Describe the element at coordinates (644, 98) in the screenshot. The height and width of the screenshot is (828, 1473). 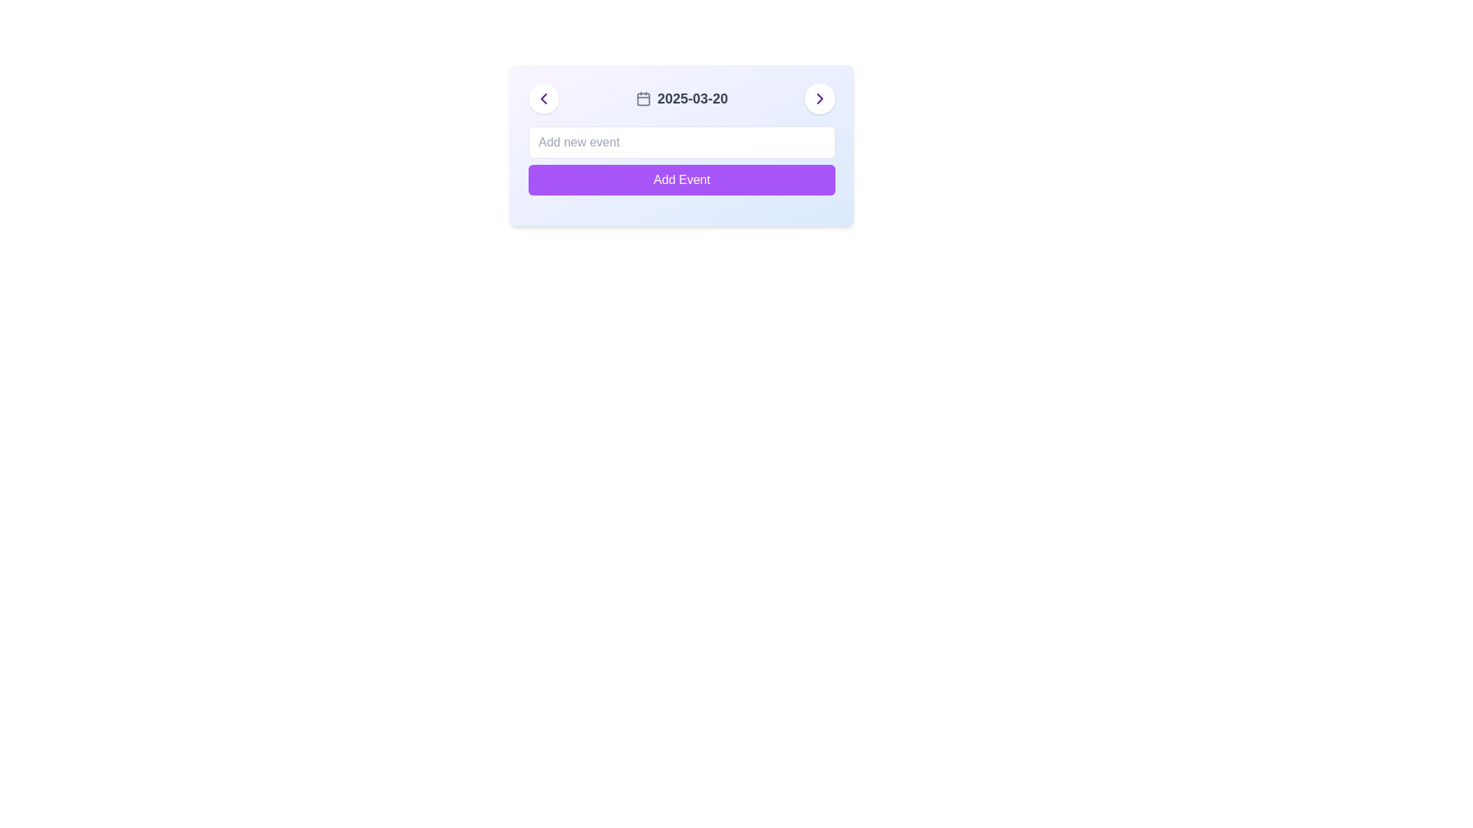
I see `the calendar icon, which visually signifies that the adjacent text represents a date, located to the left of the text '2025-03-20'` at that location.